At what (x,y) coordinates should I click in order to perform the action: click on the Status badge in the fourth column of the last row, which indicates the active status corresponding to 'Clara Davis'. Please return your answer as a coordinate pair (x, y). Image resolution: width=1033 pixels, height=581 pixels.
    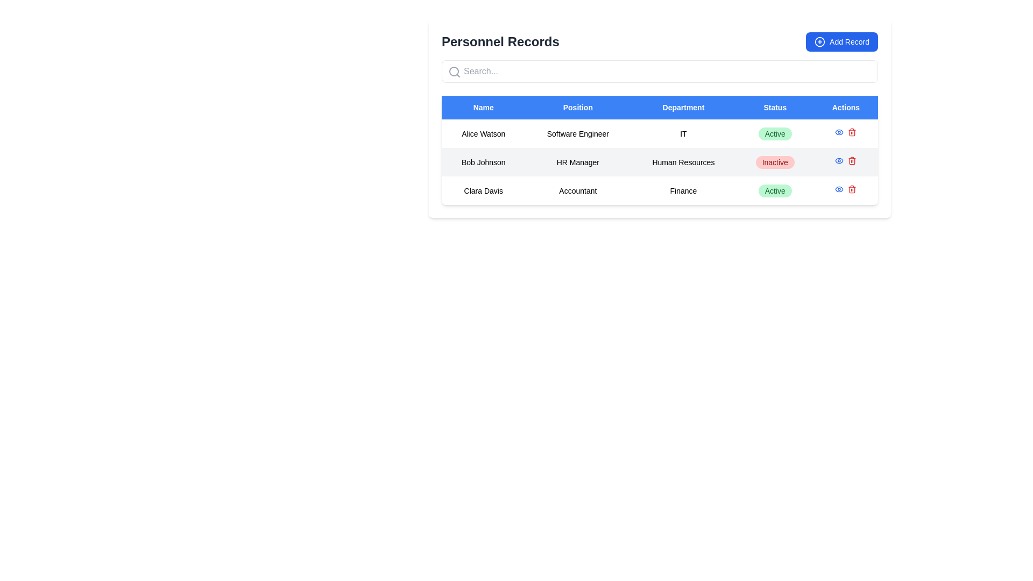
    Looking at the image, I should click on (775, 190).